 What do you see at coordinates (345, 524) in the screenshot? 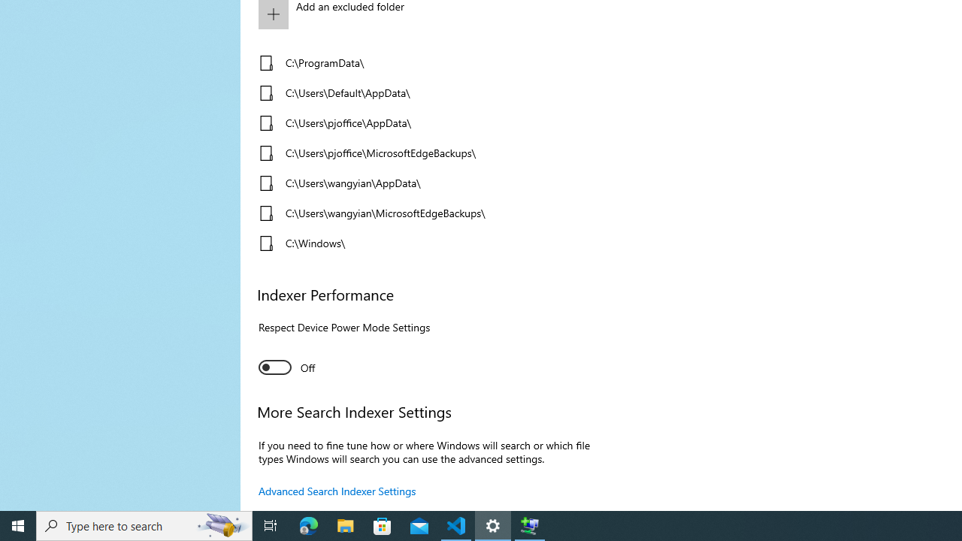
I see `'File Explorer'` at bounding box center [345, 524].